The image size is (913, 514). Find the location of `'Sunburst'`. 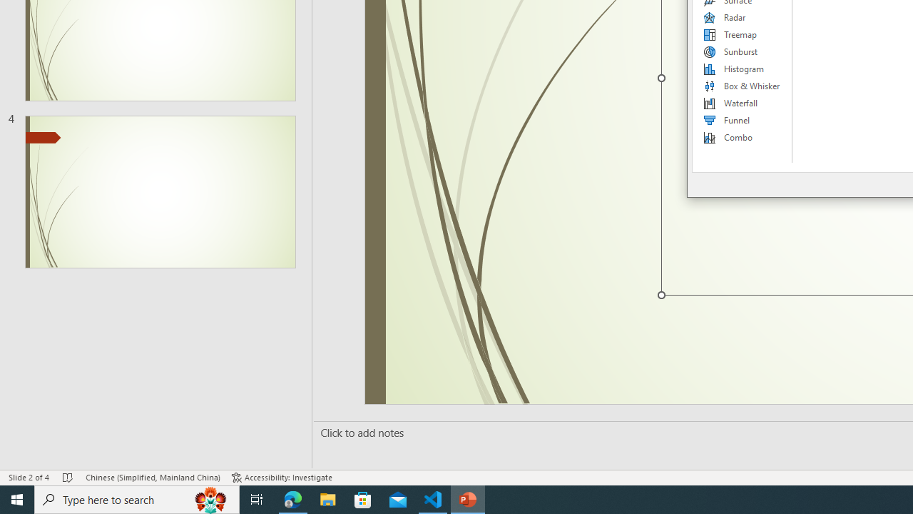

'Sunburst' is located at coordinates (742, 51).